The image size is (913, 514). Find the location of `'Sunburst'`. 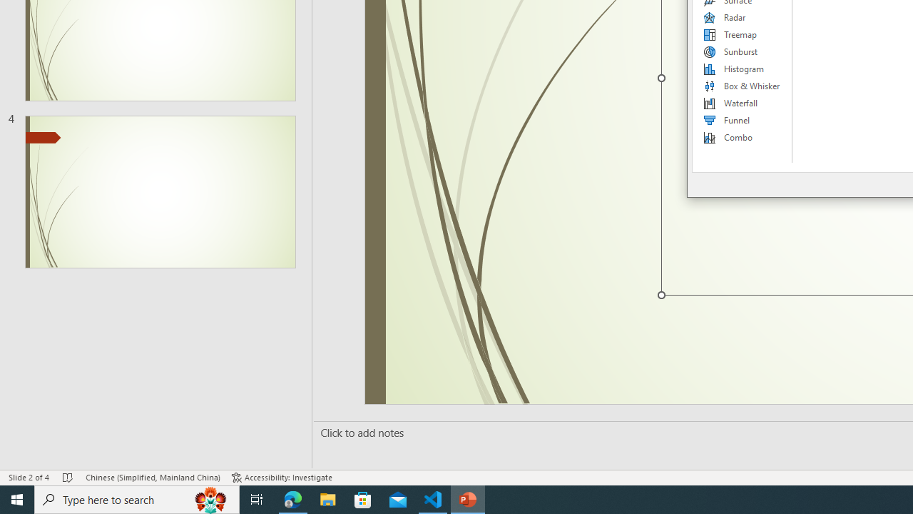

'Sunburst' is located at coordinates (742, 51).